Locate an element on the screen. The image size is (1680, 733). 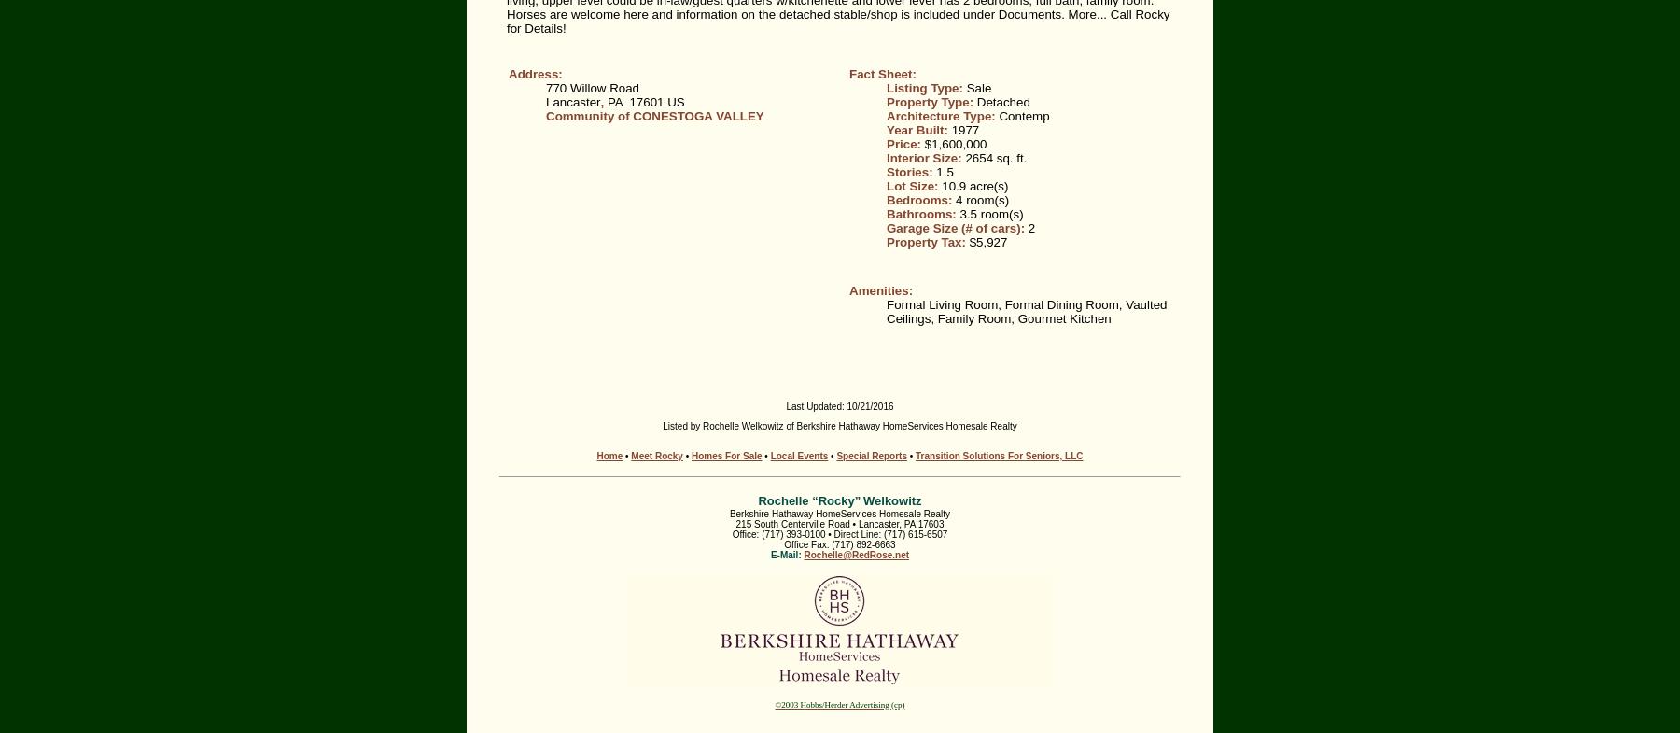
'Transition Solutions For Seniors, LLC' is located at coordinates (999, 456).